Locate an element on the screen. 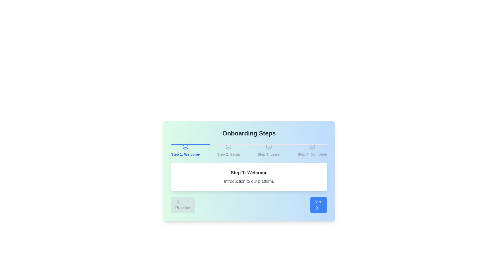 The height and width of the screenshot is (276, 492). the 'Next' button located at the bottom-right corner of the navigation section to observe a visual state change is located at coordinates (318, 205).